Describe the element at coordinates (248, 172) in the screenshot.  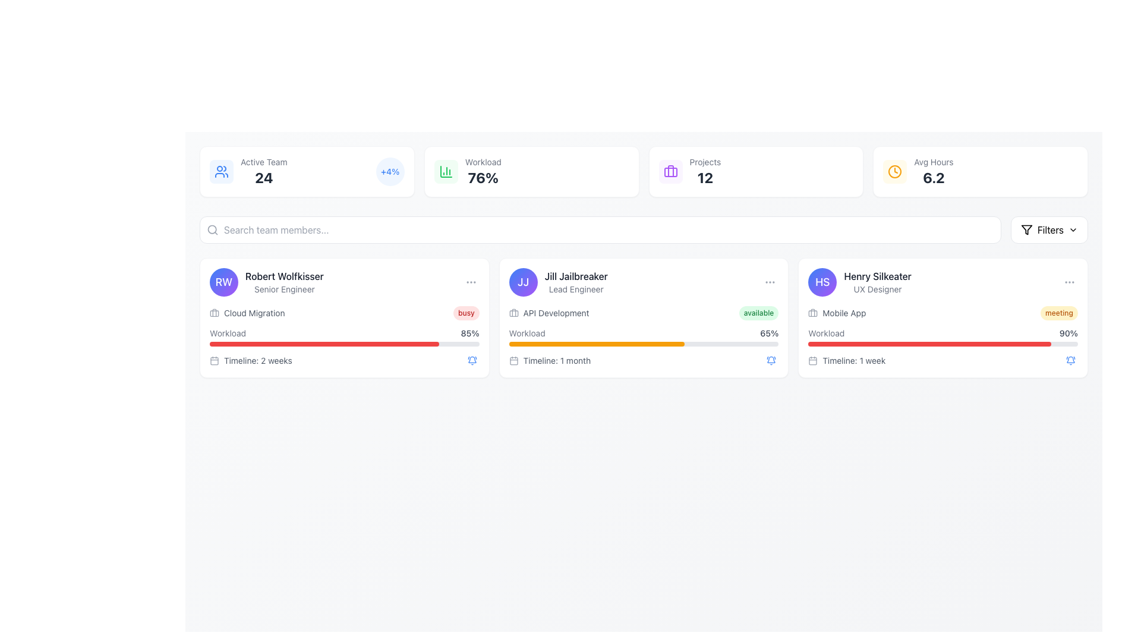
I see `the information display element that shows the count of active team members, including its icon and descriptive text, located in the upper left section of the interface` at that location.